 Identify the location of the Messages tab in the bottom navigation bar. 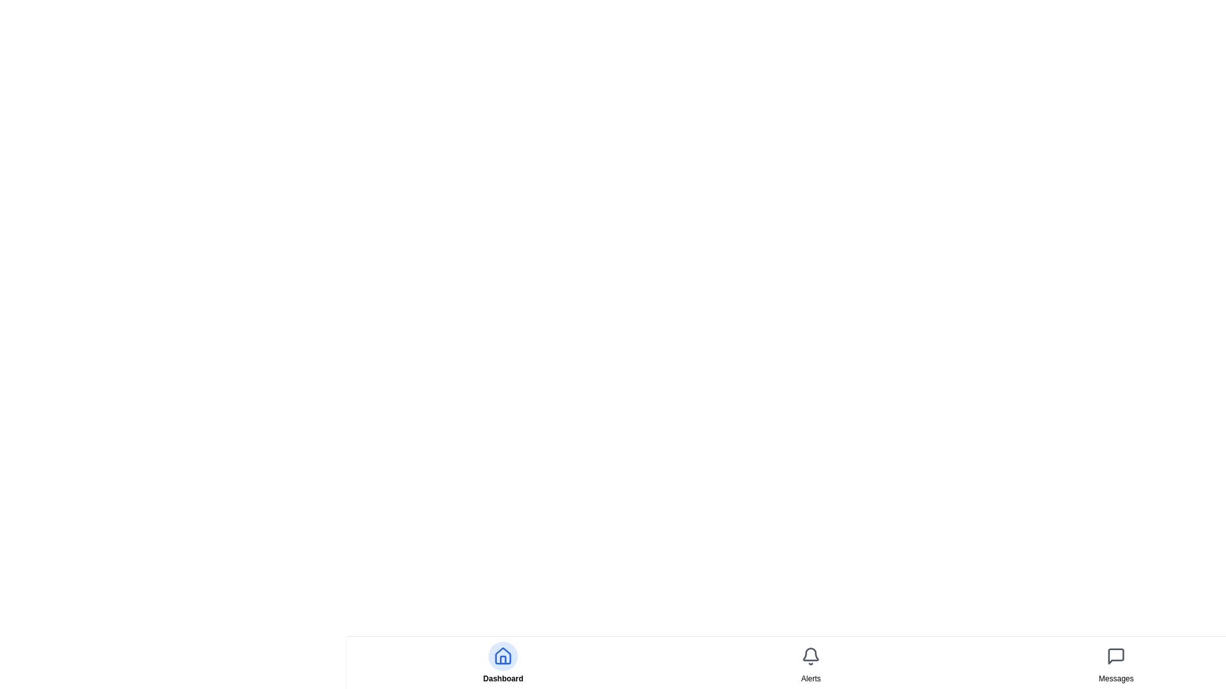
(1115, 662).